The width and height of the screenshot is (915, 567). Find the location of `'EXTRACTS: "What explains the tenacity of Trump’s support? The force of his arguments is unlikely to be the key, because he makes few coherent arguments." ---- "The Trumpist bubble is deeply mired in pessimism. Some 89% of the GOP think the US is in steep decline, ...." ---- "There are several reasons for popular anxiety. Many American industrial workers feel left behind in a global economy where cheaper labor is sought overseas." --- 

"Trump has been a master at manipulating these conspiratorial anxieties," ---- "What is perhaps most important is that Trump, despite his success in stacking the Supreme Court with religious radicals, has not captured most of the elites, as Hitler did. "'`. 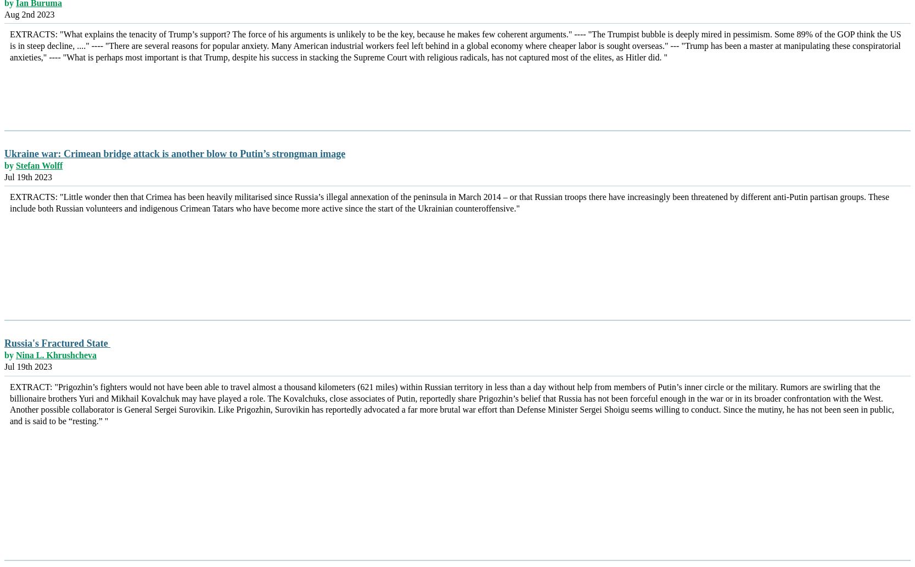

'EXTRACTS: "What explains the tenacity of Trump’s support? The force of his arguments is unlikely to be the key, because he makes few coherent arguments." ---- "The Trumpist bubble is deeply mired in pessimism. Some 89% of the GOP think the US is in steep decline, ...." ---- "There are several reasons for popular anxiety. Many American industrial workers feel left behind in a global economy where cheaper labor is sought overseas." --- 

"Trump has been a master at manipulating these conspiratorial anxieties," ---- "What is perhaps most important is that Trump, despite his success in stacking the Supreme Court with religious radicals, has not captured most of the elites, as Hitler did. "' is located at coordinates (455, 45).